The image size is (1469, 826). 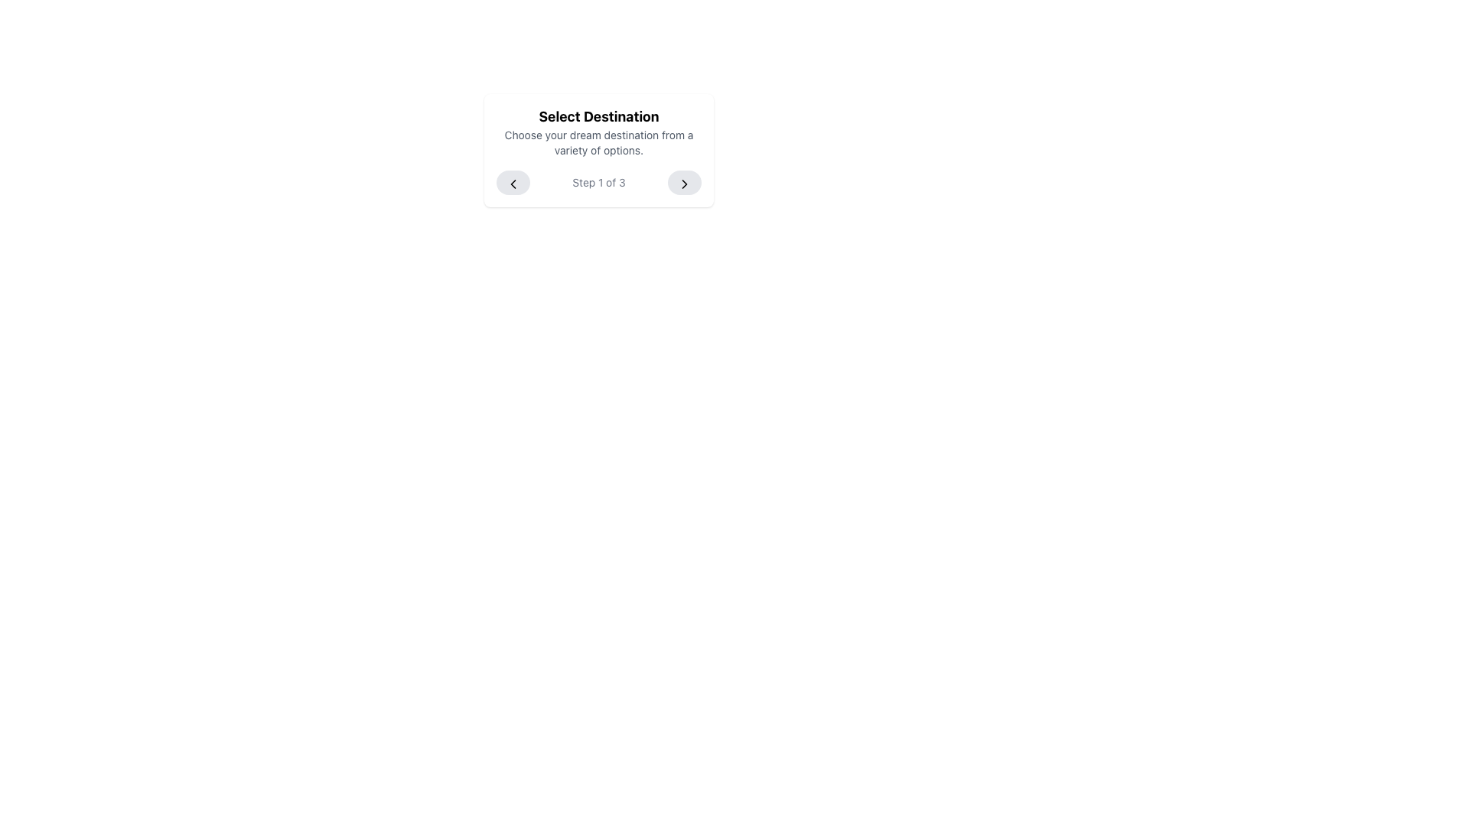 I want to click on the 'Next' button located at the far-right side of the bar displaying 'Step 1 of 3' to proceed to the subsequent step in the multi-step process, so click(x=683, y=182).